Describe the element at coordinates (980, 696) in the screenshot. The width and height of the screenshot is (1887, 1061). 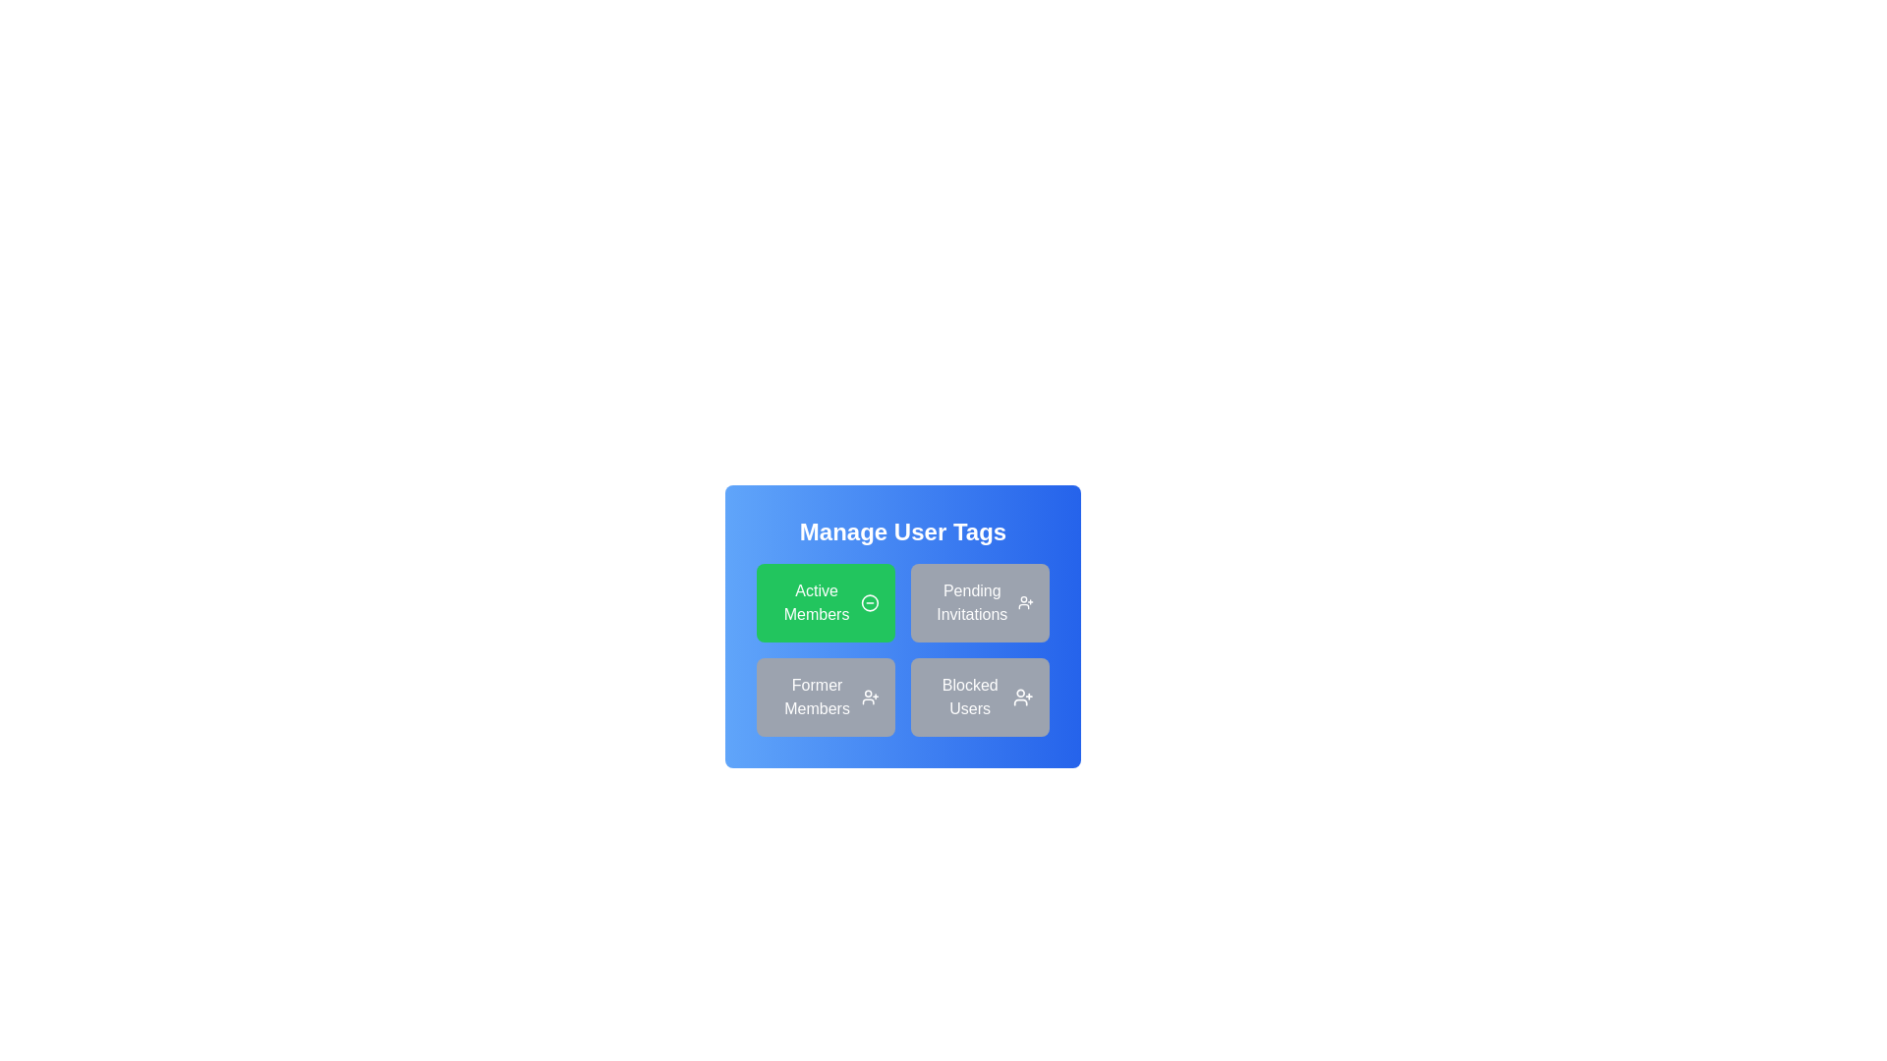
I see `the 'Blocked Users' button located at the bottom-right corner of the grid of four buttons under 'Manage User Tags' to possibly reveal additional details` at that location.